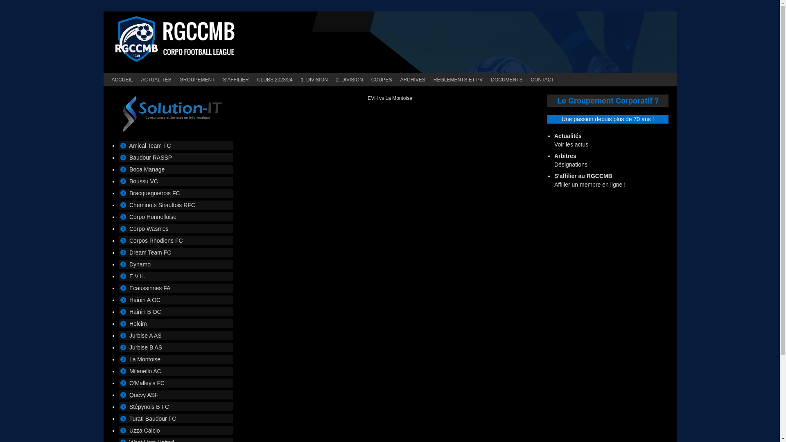 The width and height of the screenshot is (786, 442). I want to click on 'Voir les actus', so click(571, 144).